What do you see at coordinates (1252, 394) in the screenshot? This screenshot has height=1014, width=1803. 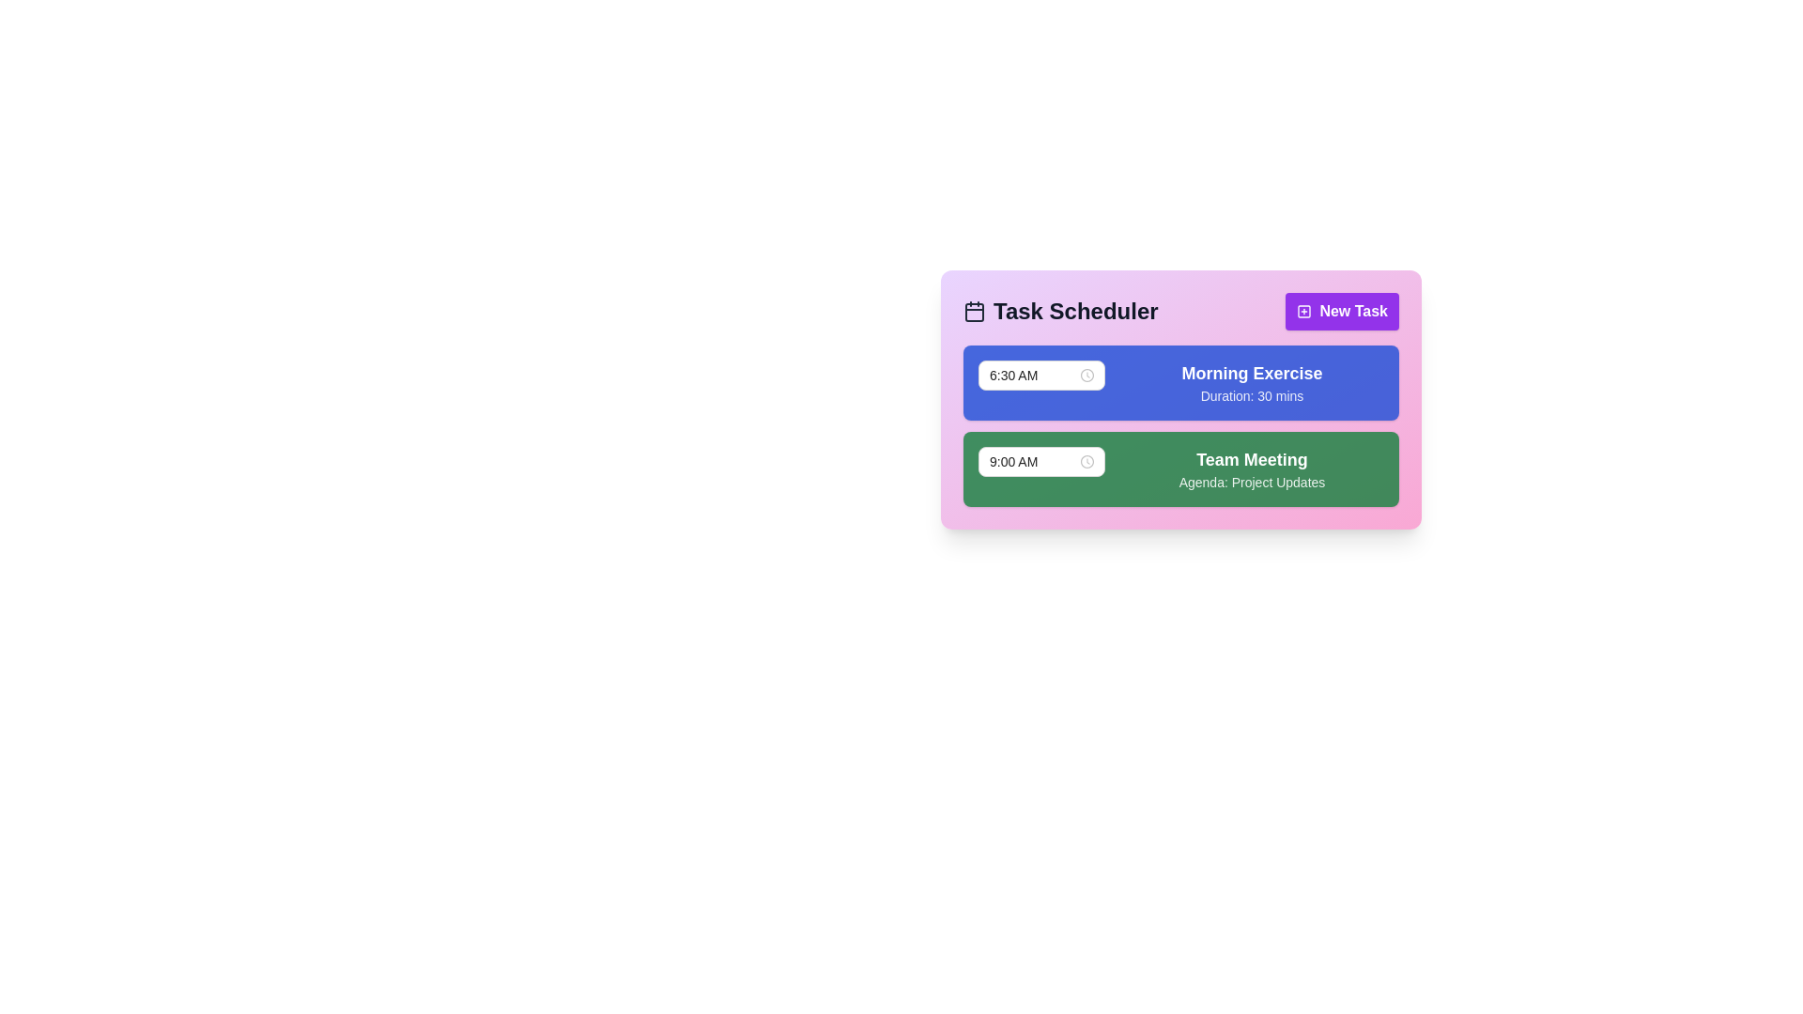 I see `the static text displaying the duration of the task, which is located below 'Morning Exercise' in the task card` at bounding box center [1252, 394].